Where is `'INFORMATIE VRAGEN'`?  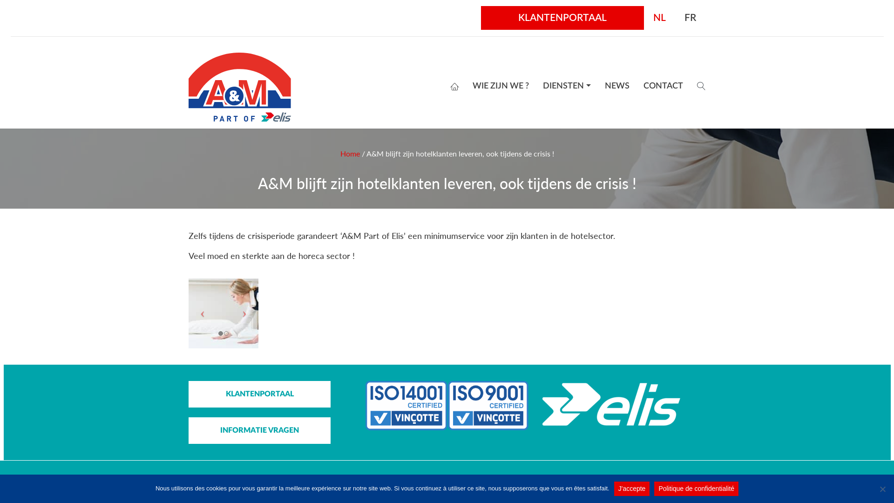
'INFORMATIE VRAGEN' is located at coordinates (259, 430).